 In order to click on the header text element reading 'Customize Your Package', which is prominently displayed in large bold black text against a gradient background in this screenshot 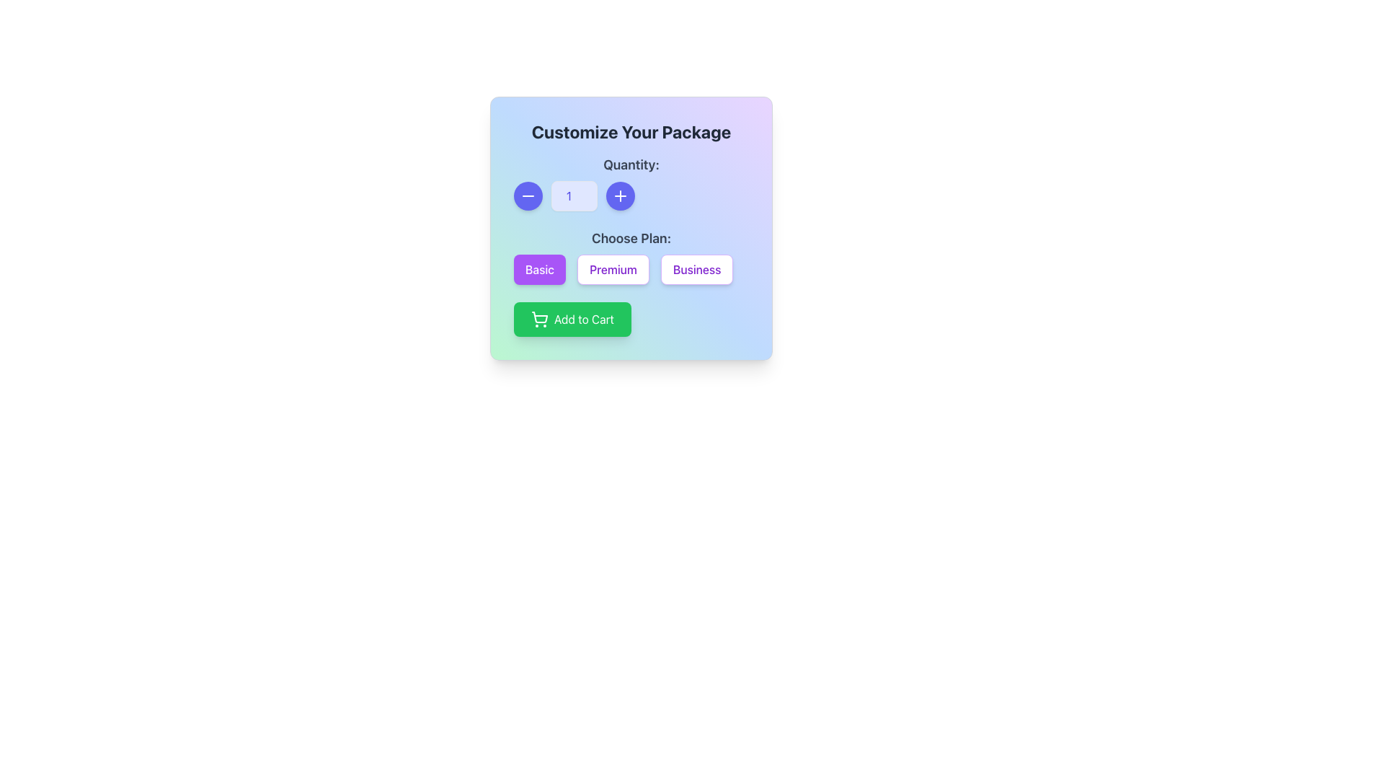, I will do `click(631, 131)`.